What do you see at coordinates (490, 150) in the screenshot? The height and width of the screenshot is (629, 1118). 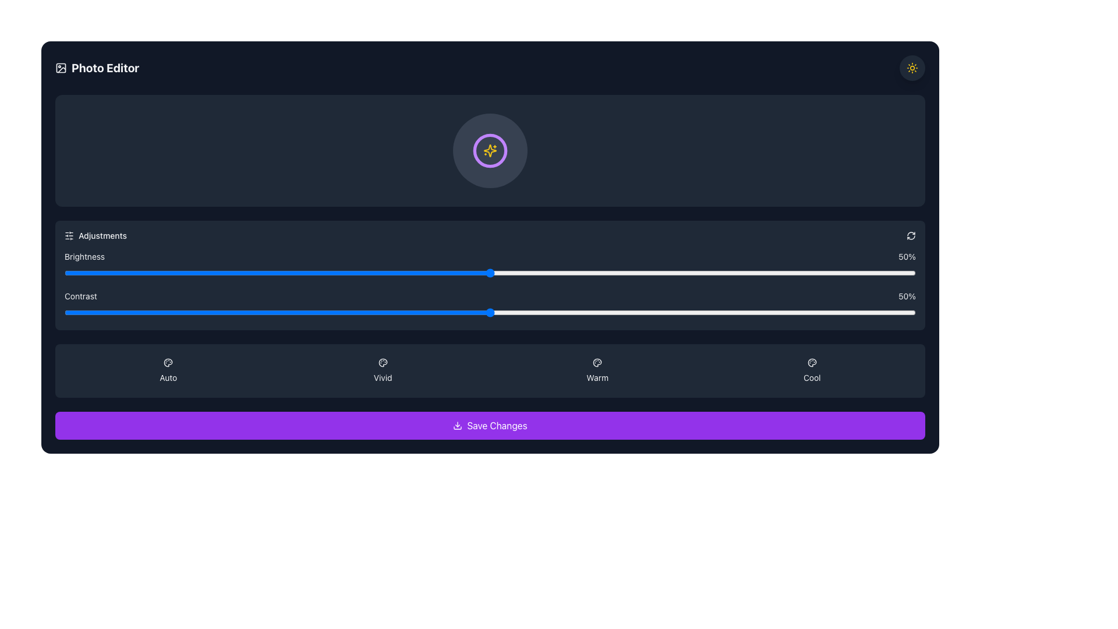 I see `the yellow sparkle icon with a pulsating animation effect, located at the center of the upper section of the layout, for feedback or information` at bounding box center [490, 150].